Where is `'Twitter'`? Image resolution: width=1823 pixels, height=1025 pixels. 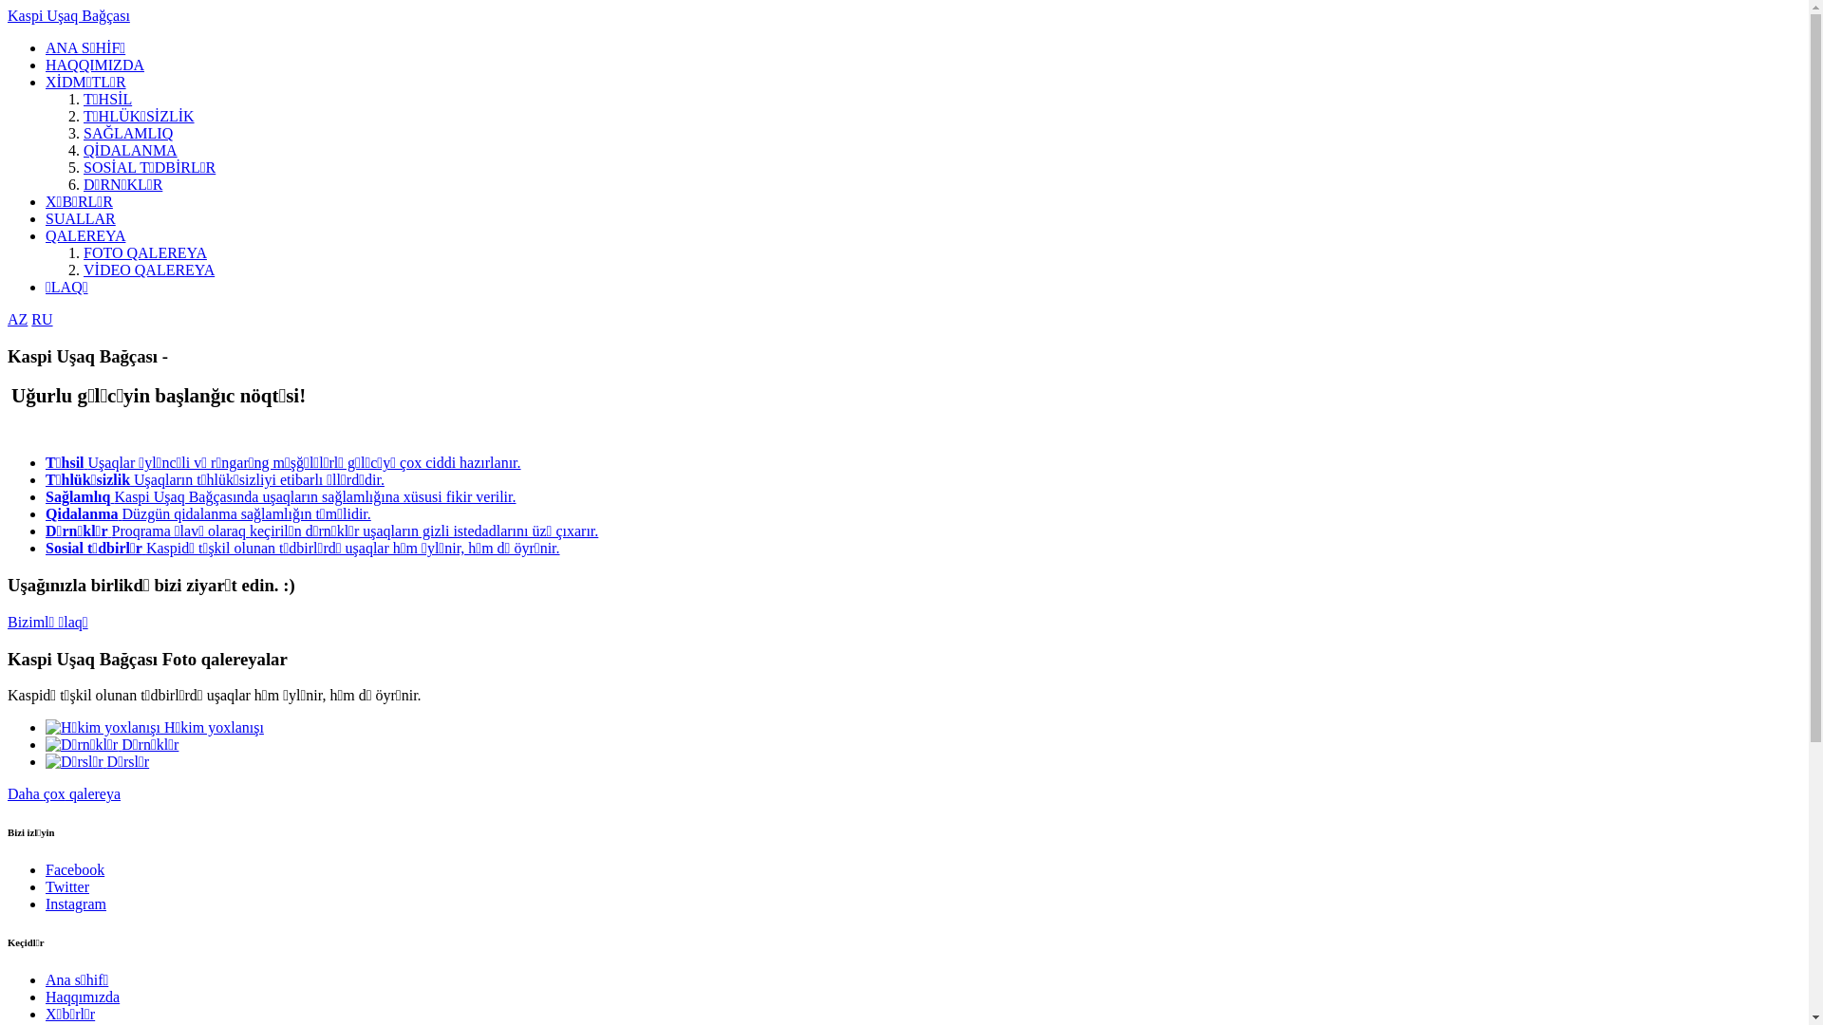
'Twitter' is located at coordinates (67, 886).